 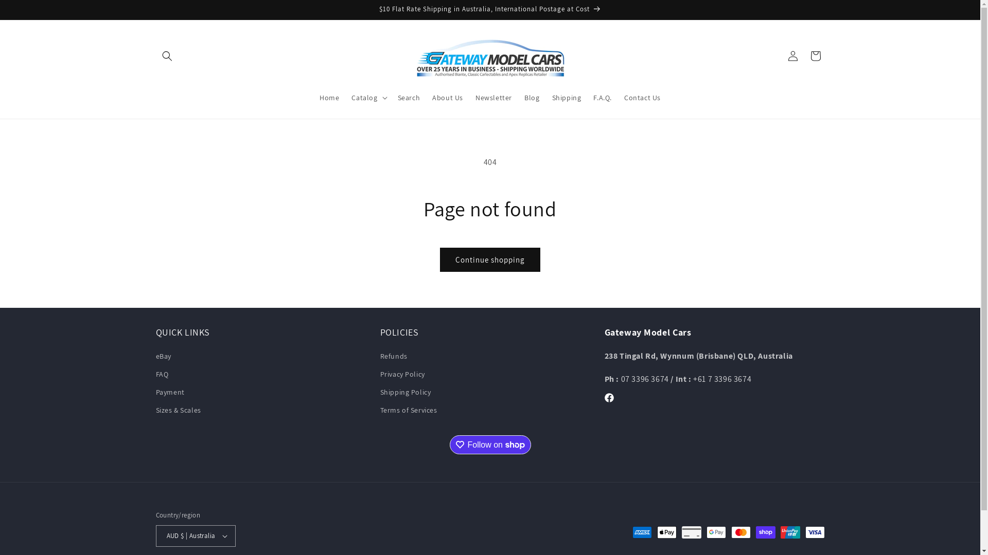 I want to click on 'FAQ', so click(x=161, y=374).